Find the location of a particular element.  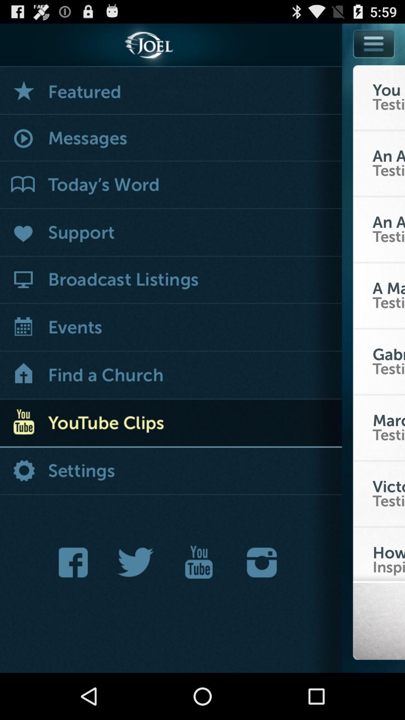

see broadcast listings is located at coordinates (171, 280).